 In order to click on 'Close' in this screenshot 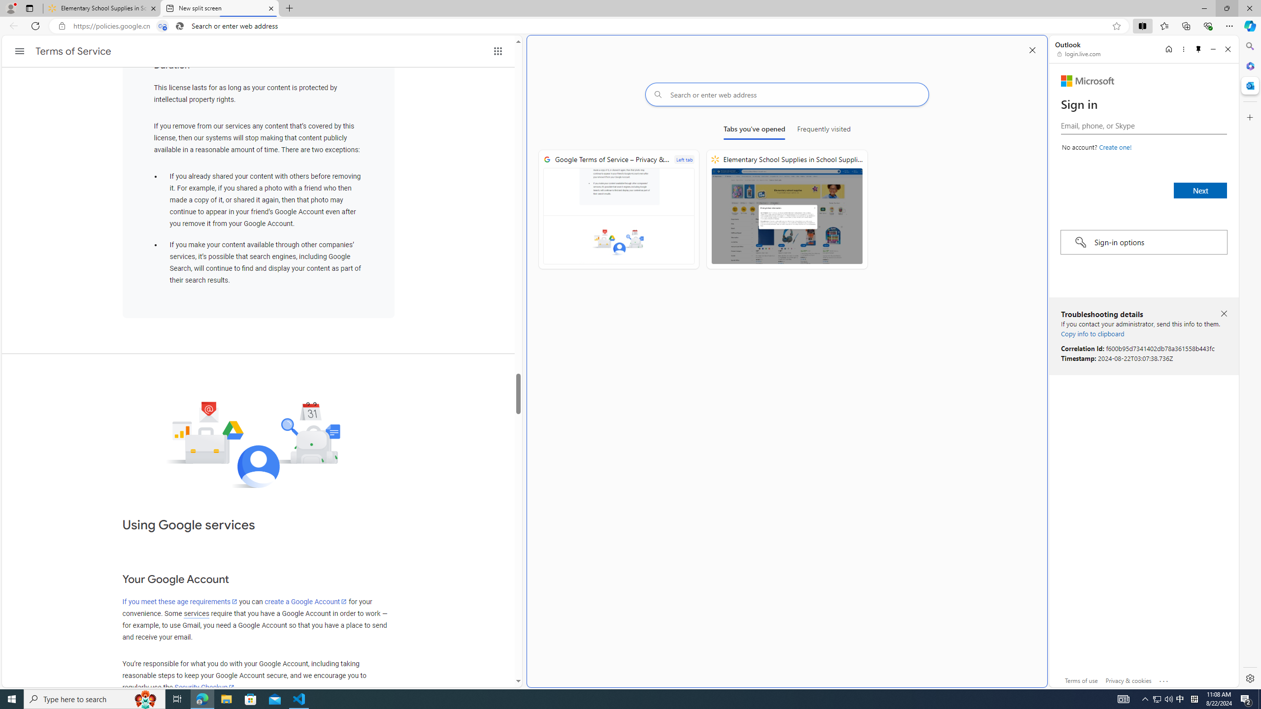, I will do `click(1227, 49)`.